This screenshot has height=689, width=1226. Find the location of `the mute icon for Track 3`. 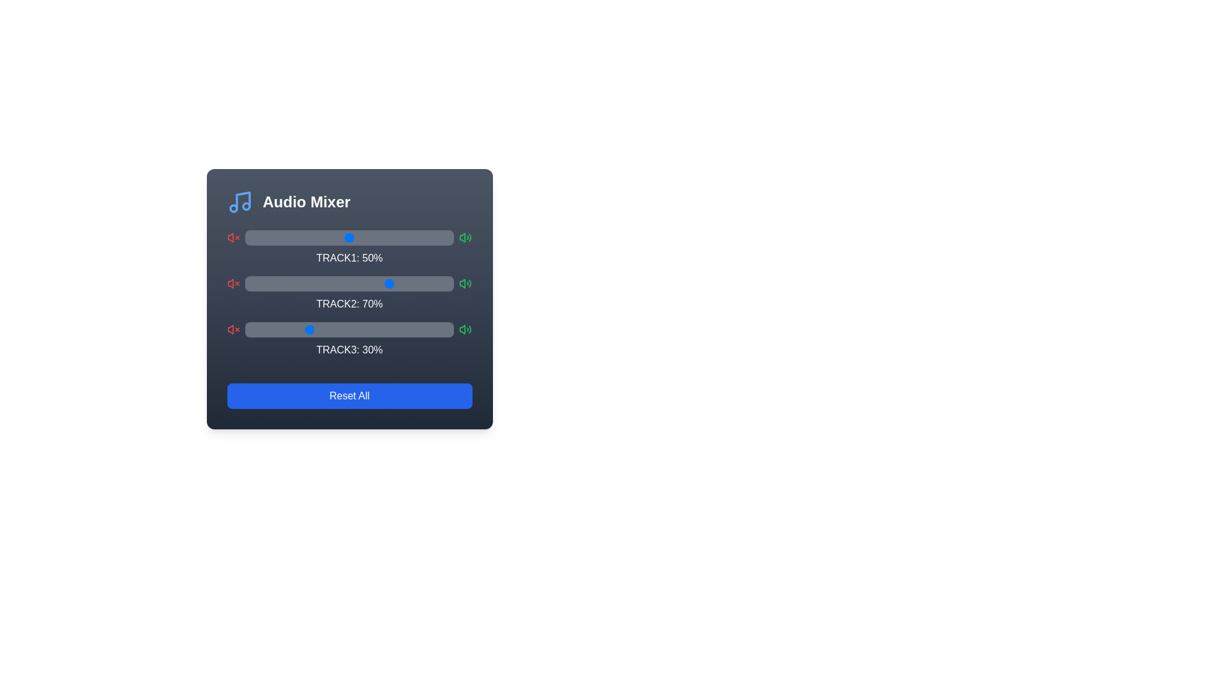

the mute icon for Track 3 is located at coordinates (233, 329).